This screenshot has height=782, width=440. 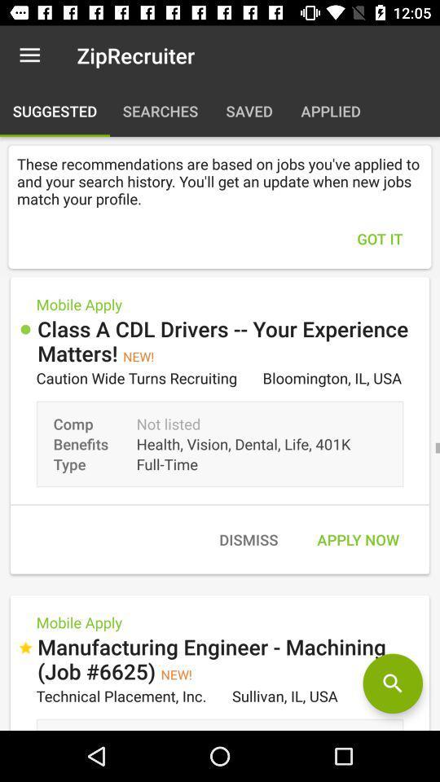 I want to click on the item to the right of sullivan, il, usa icon, so click(x=392, y=683).